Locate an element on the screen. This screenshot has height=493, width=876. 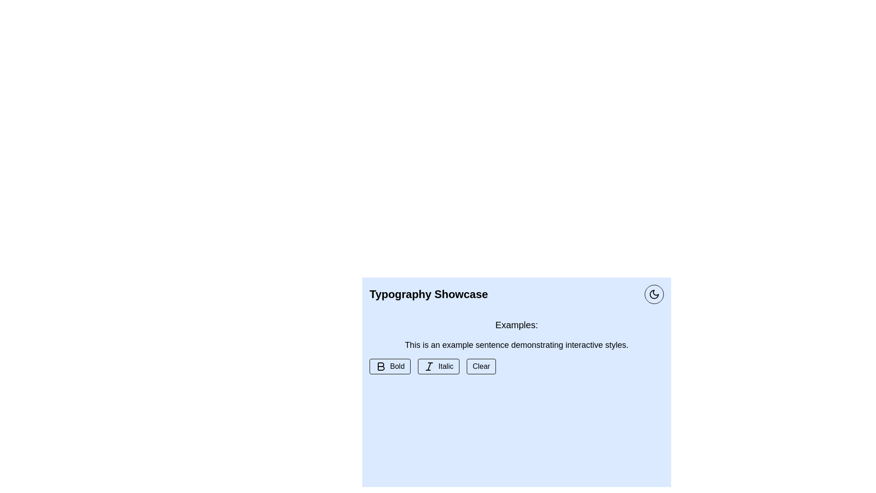
the Text Label at the top of the content section to trigger any potential tooltip is located at coordinates (516, 325).